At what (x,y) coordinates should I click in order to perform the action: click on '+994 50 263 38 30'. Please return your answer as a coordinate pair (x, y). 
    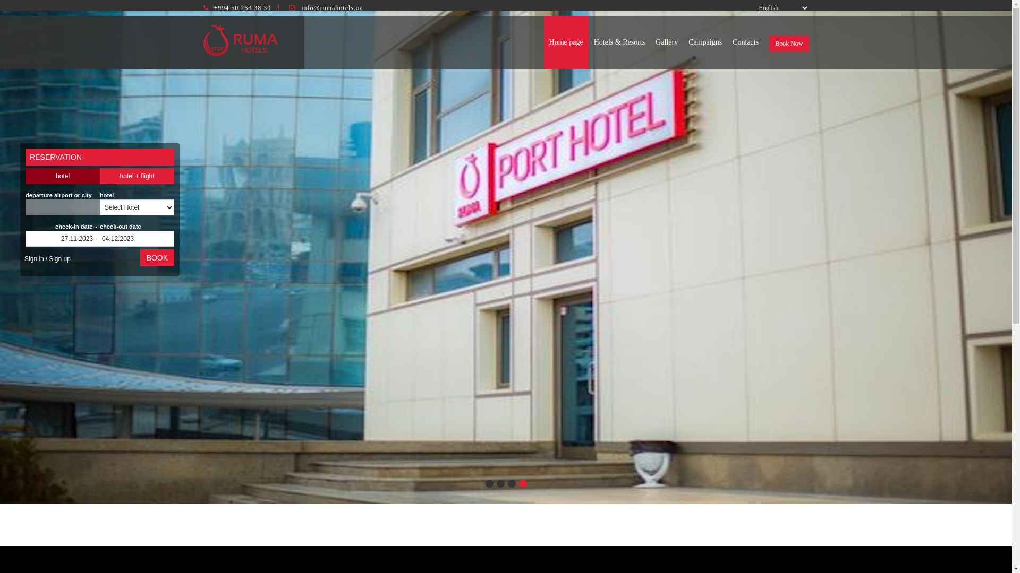
    Looking at the image, I should click on (242, 8).